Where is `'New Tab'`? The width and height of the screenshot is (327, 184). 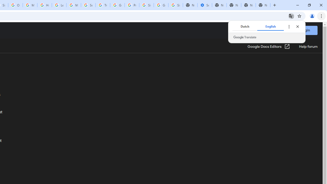
'New Tab' is located at coordinates (263, 5).